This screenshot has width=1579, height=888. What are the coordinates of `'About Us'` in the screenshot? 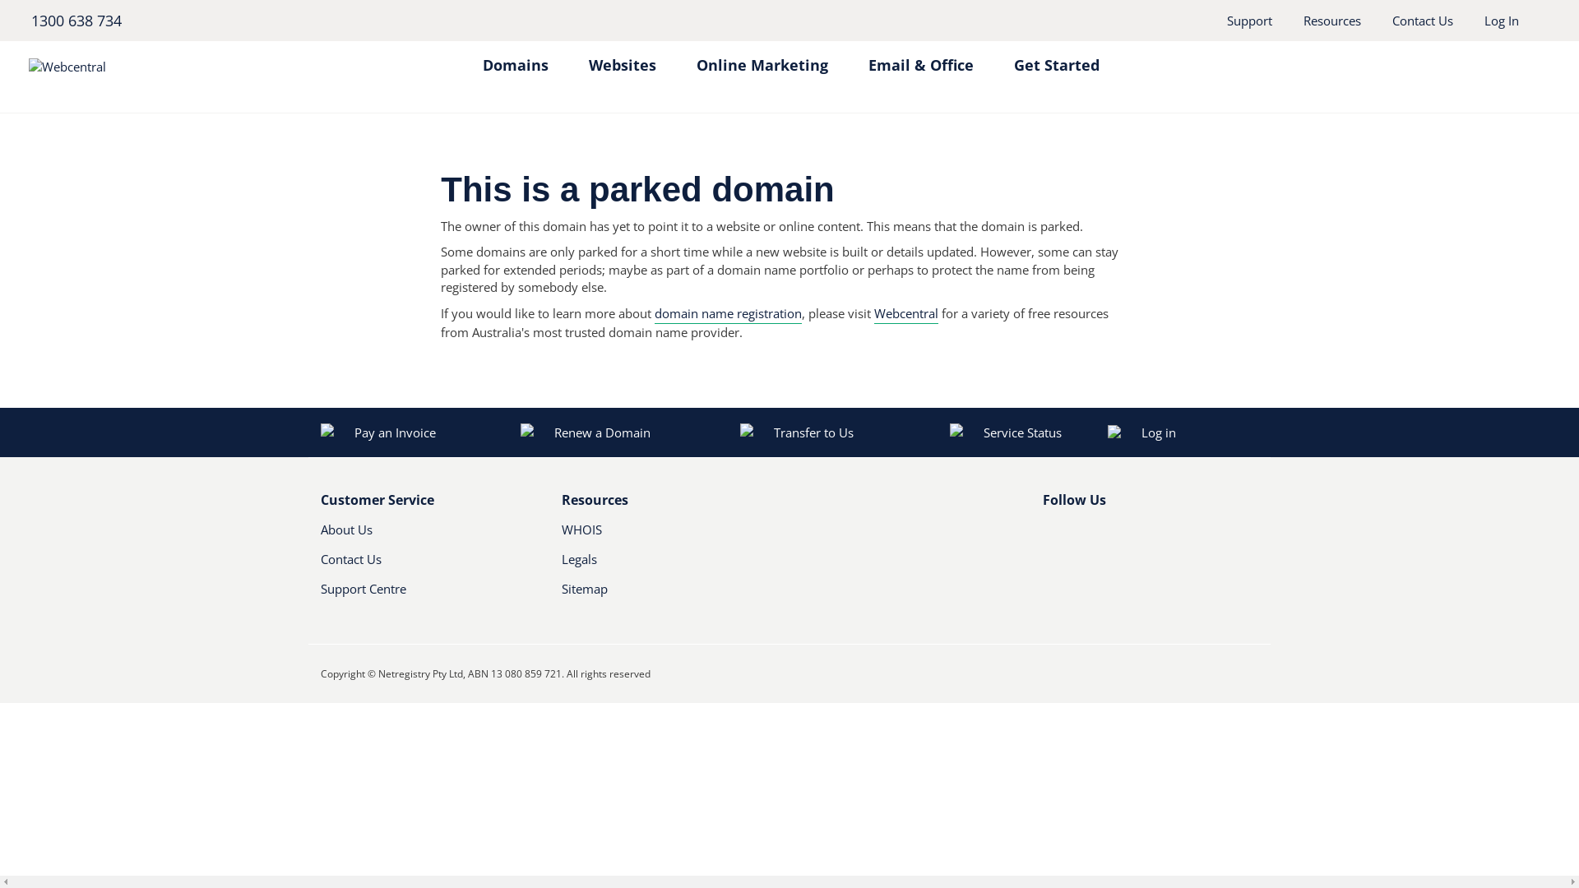 It's located at (412, 535).